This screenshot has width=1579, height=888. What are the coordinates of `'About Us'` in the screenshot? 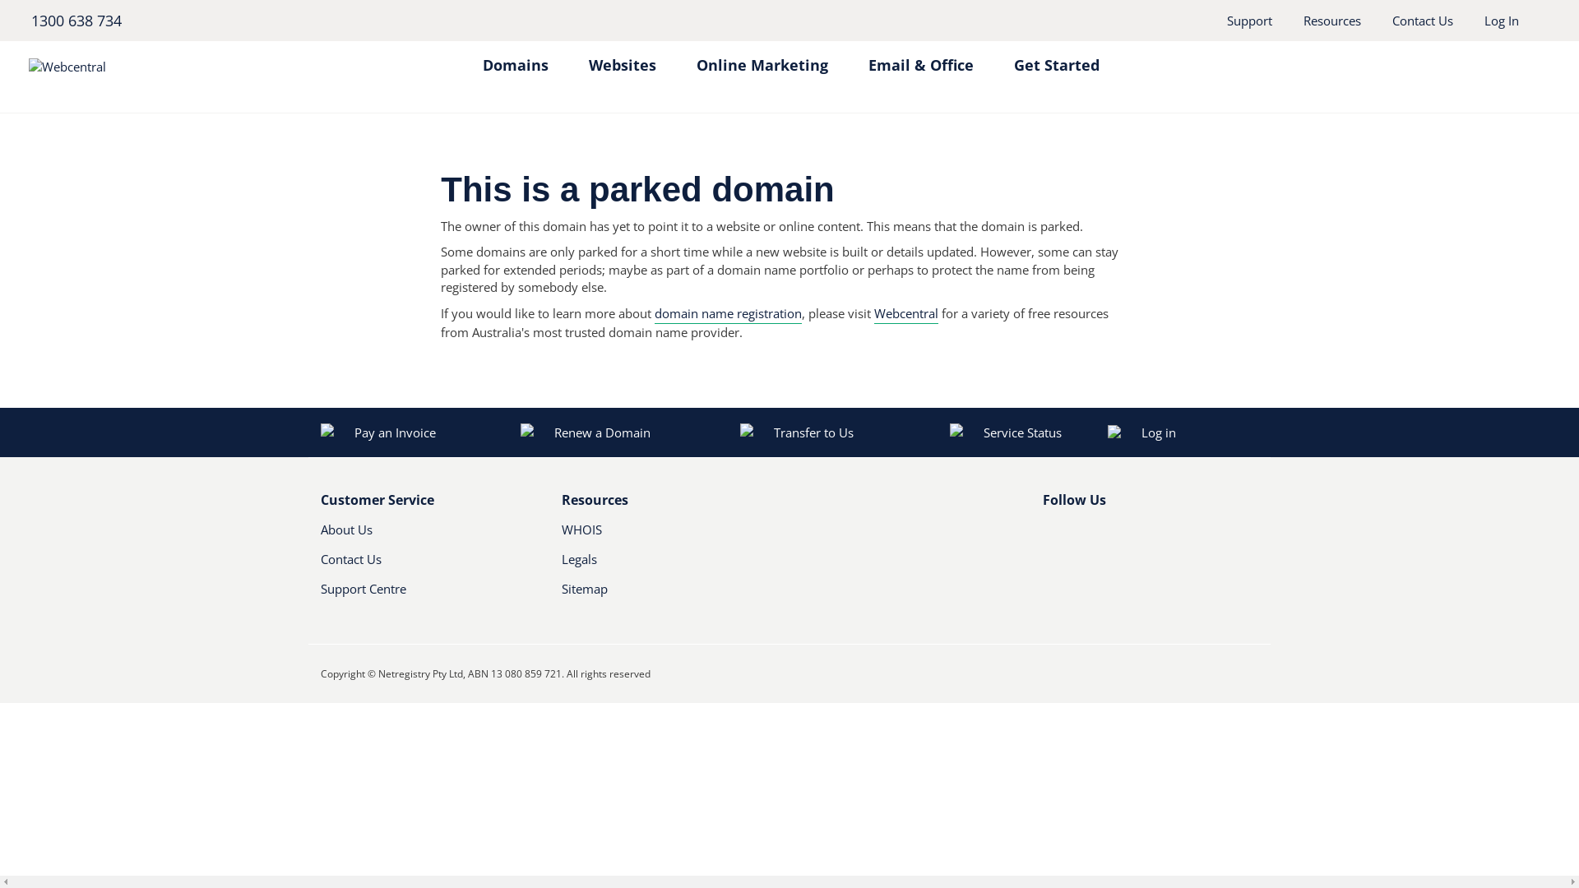 It's located at (412, 535).